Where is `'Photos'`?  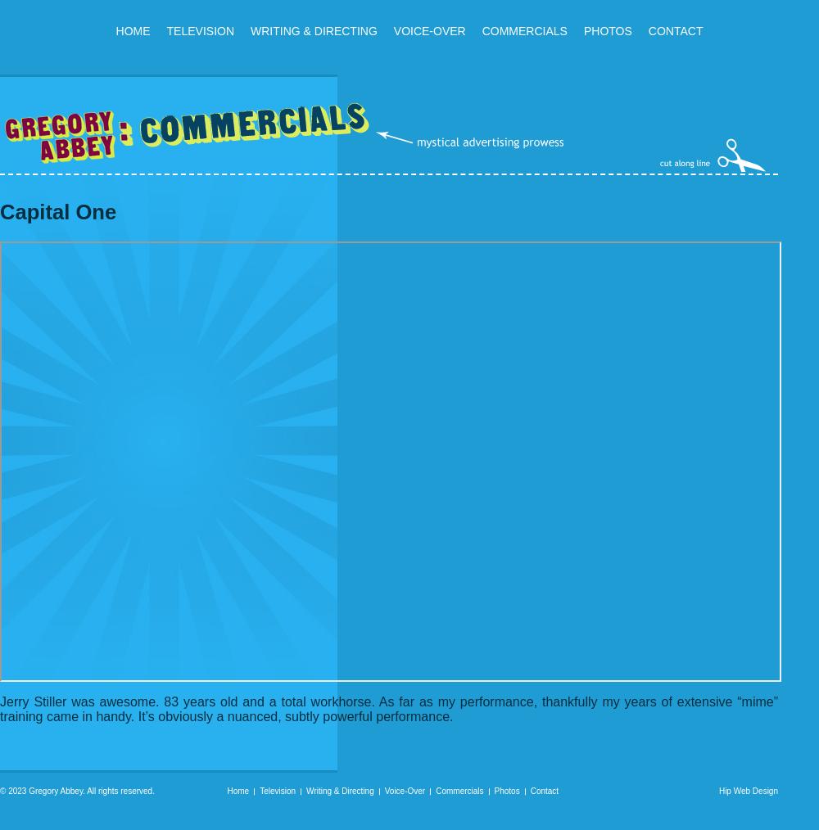 'Photos' is located at coordinates (606, 30).